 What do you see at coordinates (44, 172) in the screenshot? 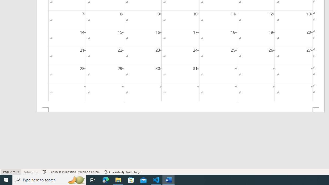
I see `'Spelling and Grammar Check Checking'` at bounding box center [44, 172].